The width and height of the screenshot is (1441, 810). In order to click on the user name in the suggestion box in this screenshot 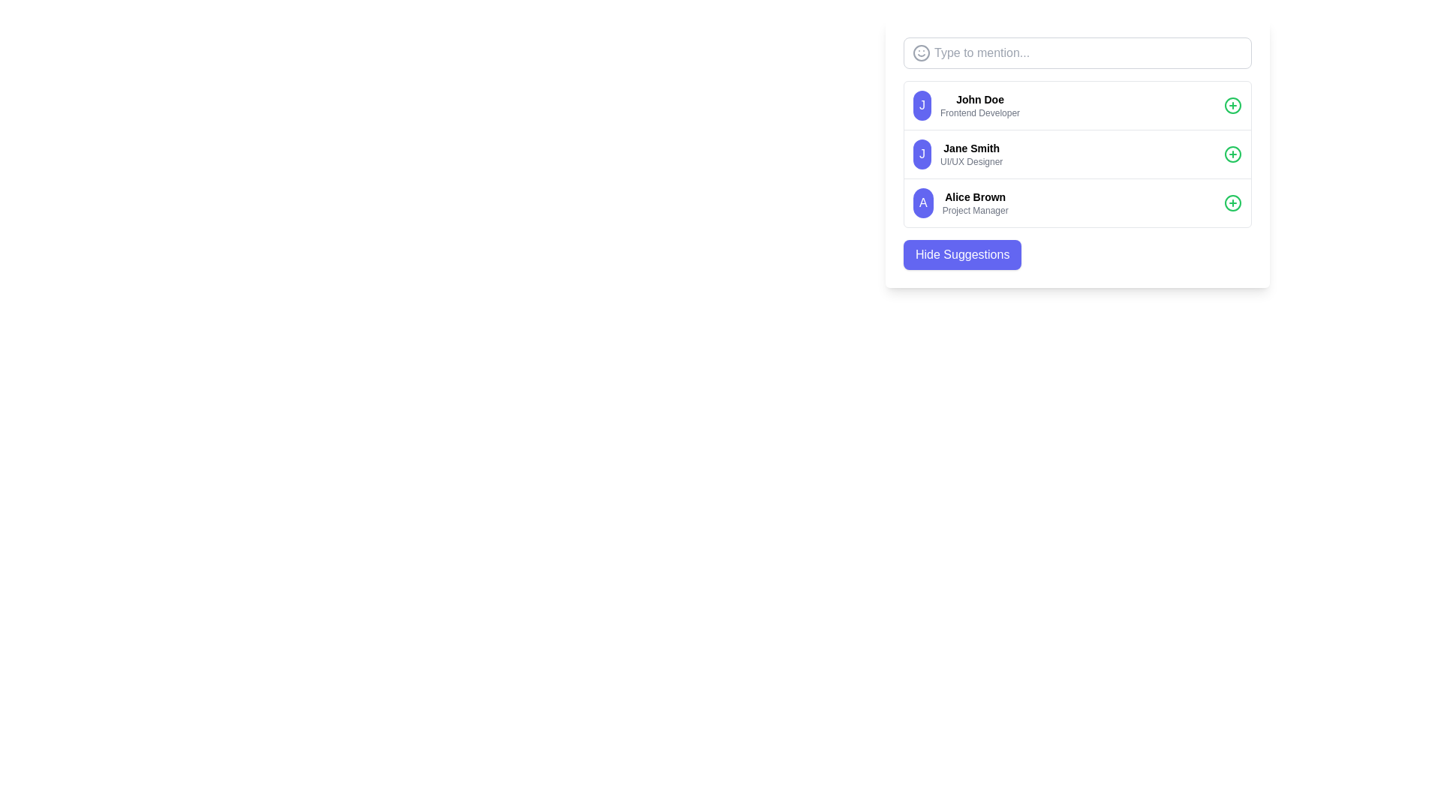, I will do `click(979, 105)`.